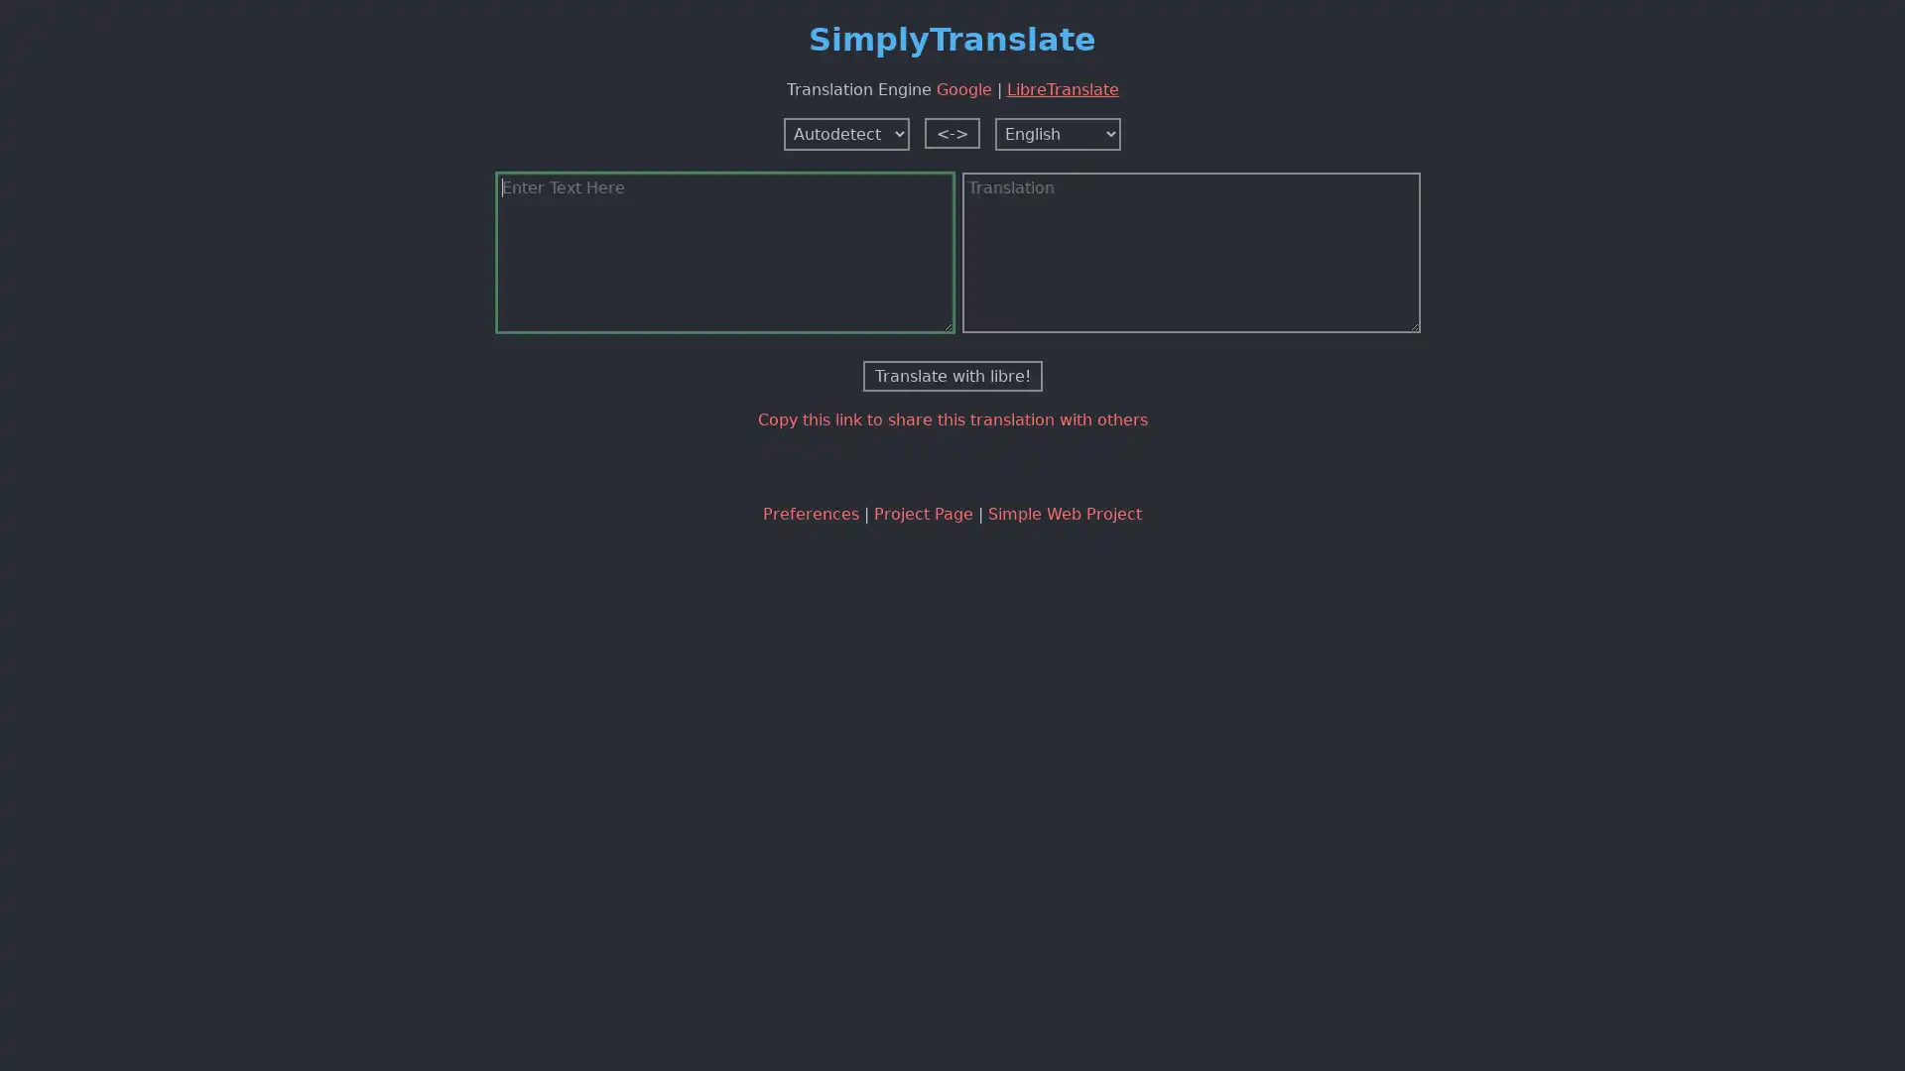 Image resolution: width=1905 pixels, height=1071 pixels. Describe the element at coordinates (952, 132) in the screenshot. I see `Switch languages` at that location.